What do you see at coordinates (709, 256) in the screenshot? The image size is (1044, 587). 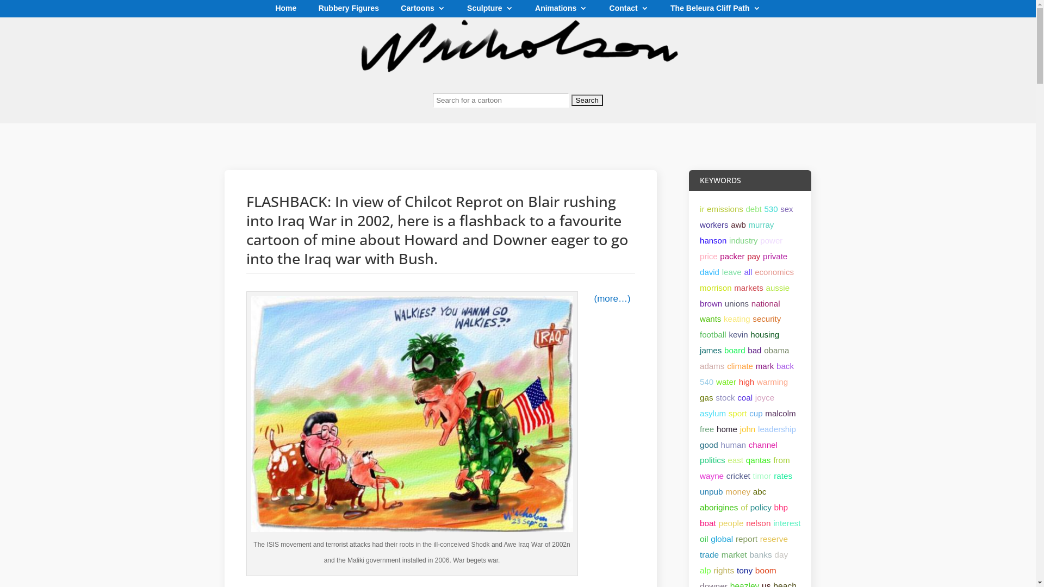 I see `'price'` at bounding box center [709, 256].